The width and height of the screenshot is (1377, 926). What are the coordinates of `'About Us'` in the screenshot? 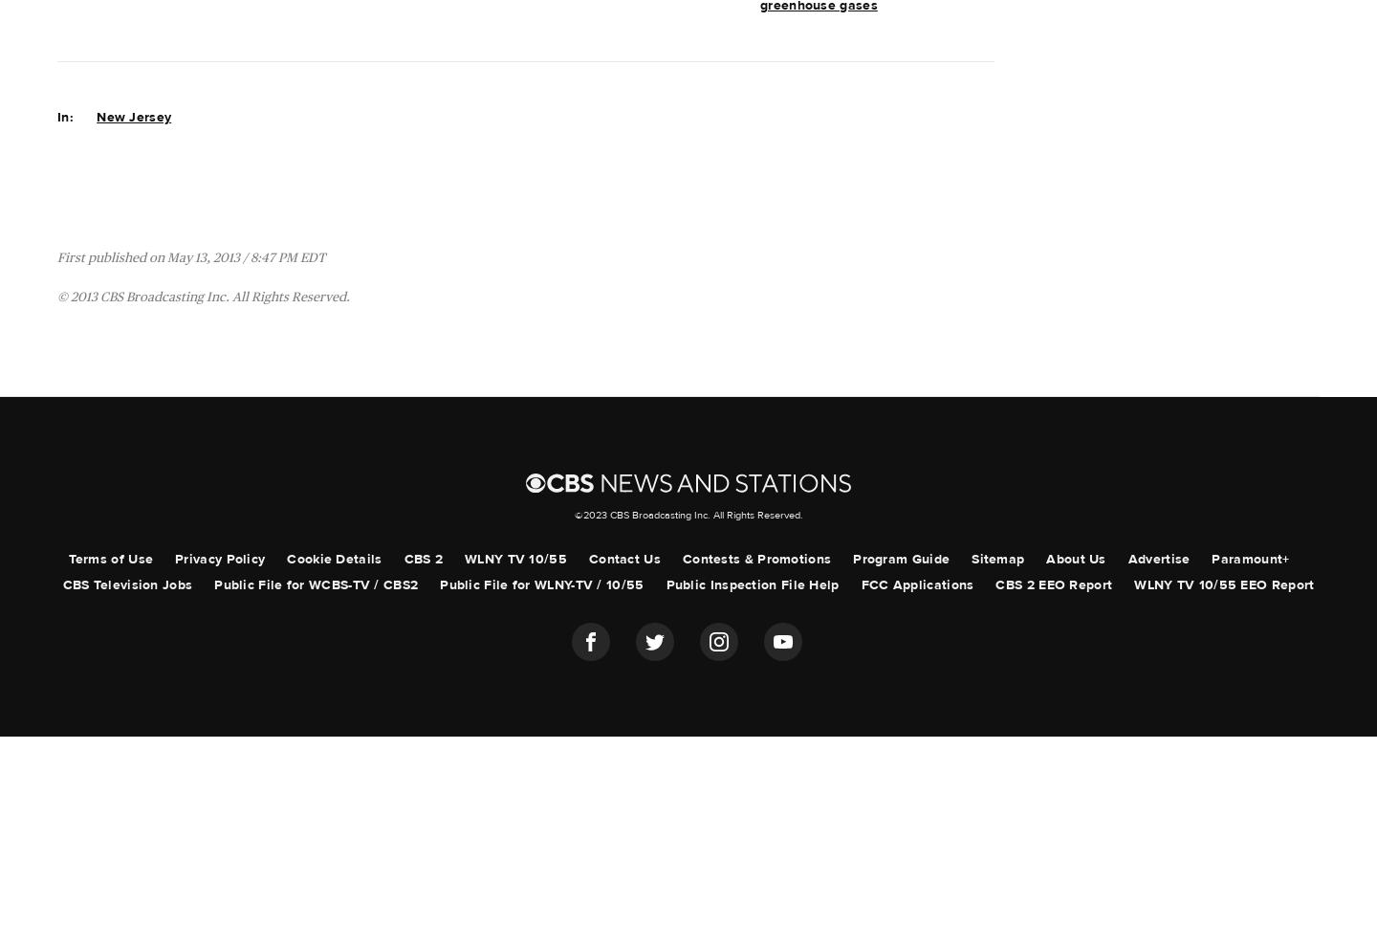 It's located at (1074, 559).